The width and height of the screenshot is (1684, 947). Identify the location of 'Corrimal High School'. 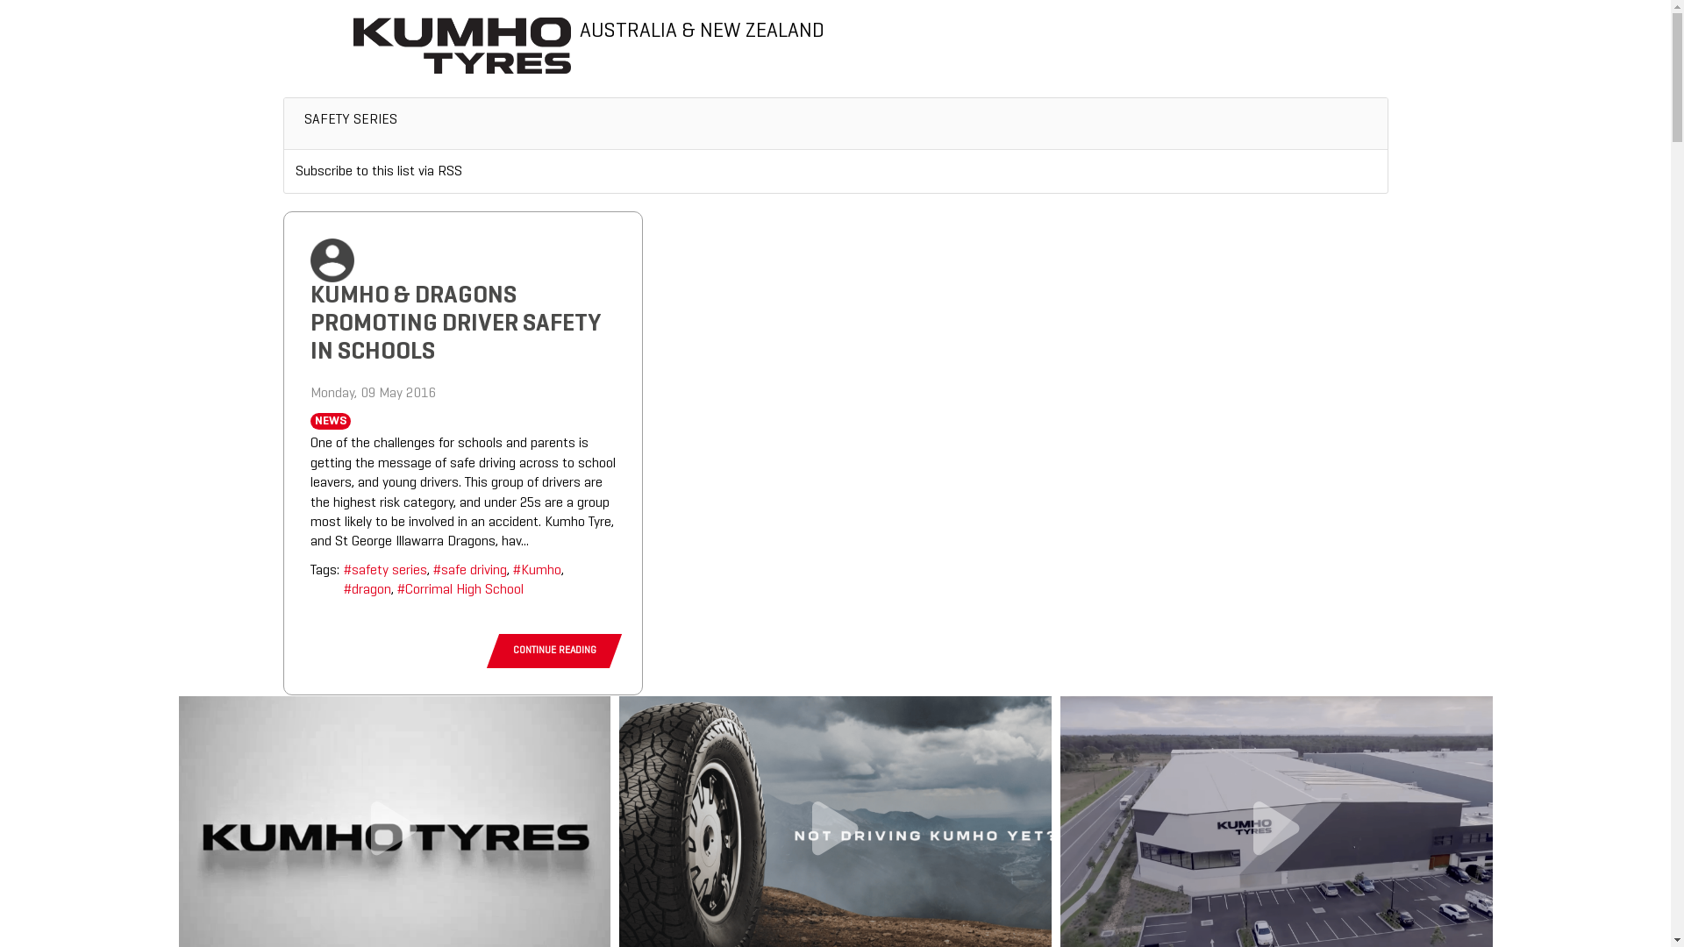
(395, 589).